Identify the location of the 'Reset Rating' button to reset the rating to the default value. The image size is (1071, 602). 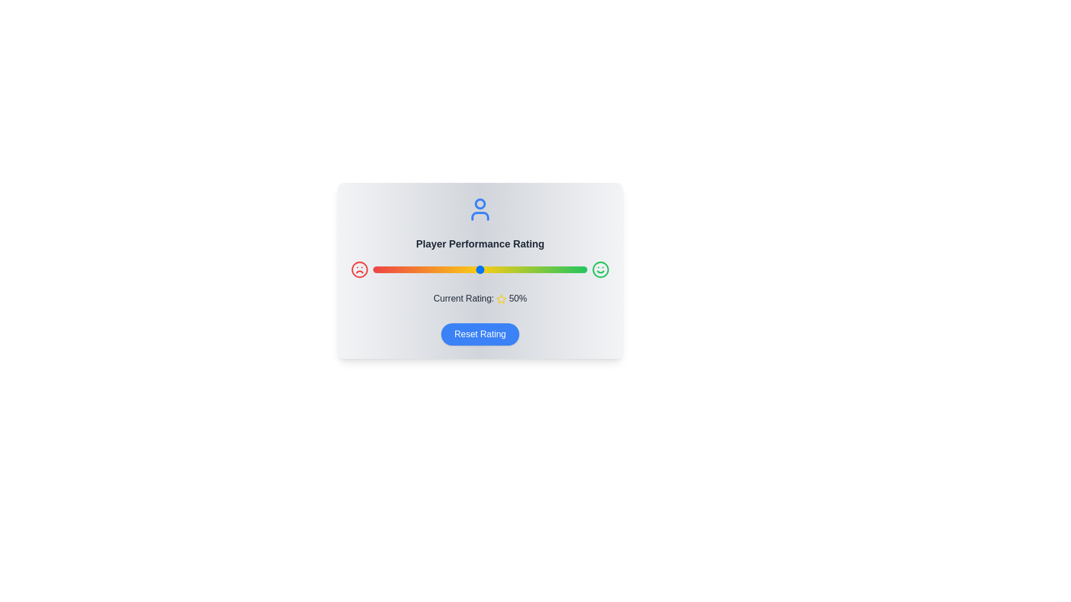
(480, 334).